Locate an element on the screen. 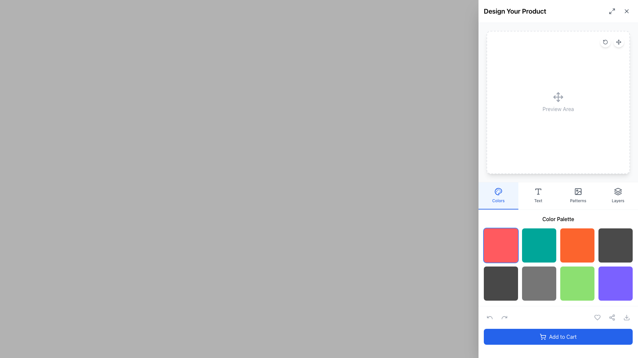 The height and width of the screenshot is (358, 638). the Color selection button for the teal color located in the second column of the first row of the color swatches grid under the 'Color Palette' section is located at coordinates (539, 245).